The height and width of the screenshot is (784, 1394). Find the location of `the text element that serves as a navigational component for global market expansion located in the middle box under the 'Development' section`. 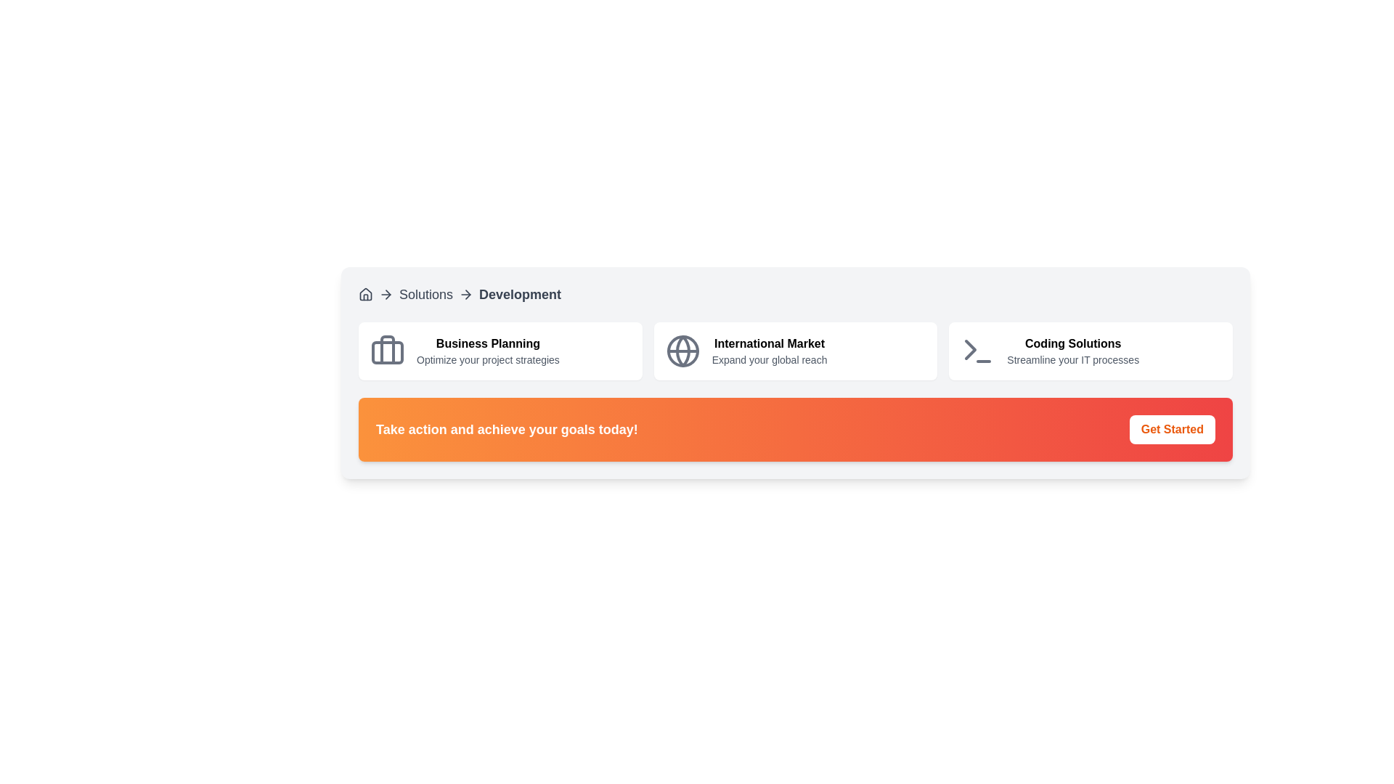

the text element that serves as a navigational component for global market expansion located in the middle box under the 'Development' section is located at coordinates (769, 351).